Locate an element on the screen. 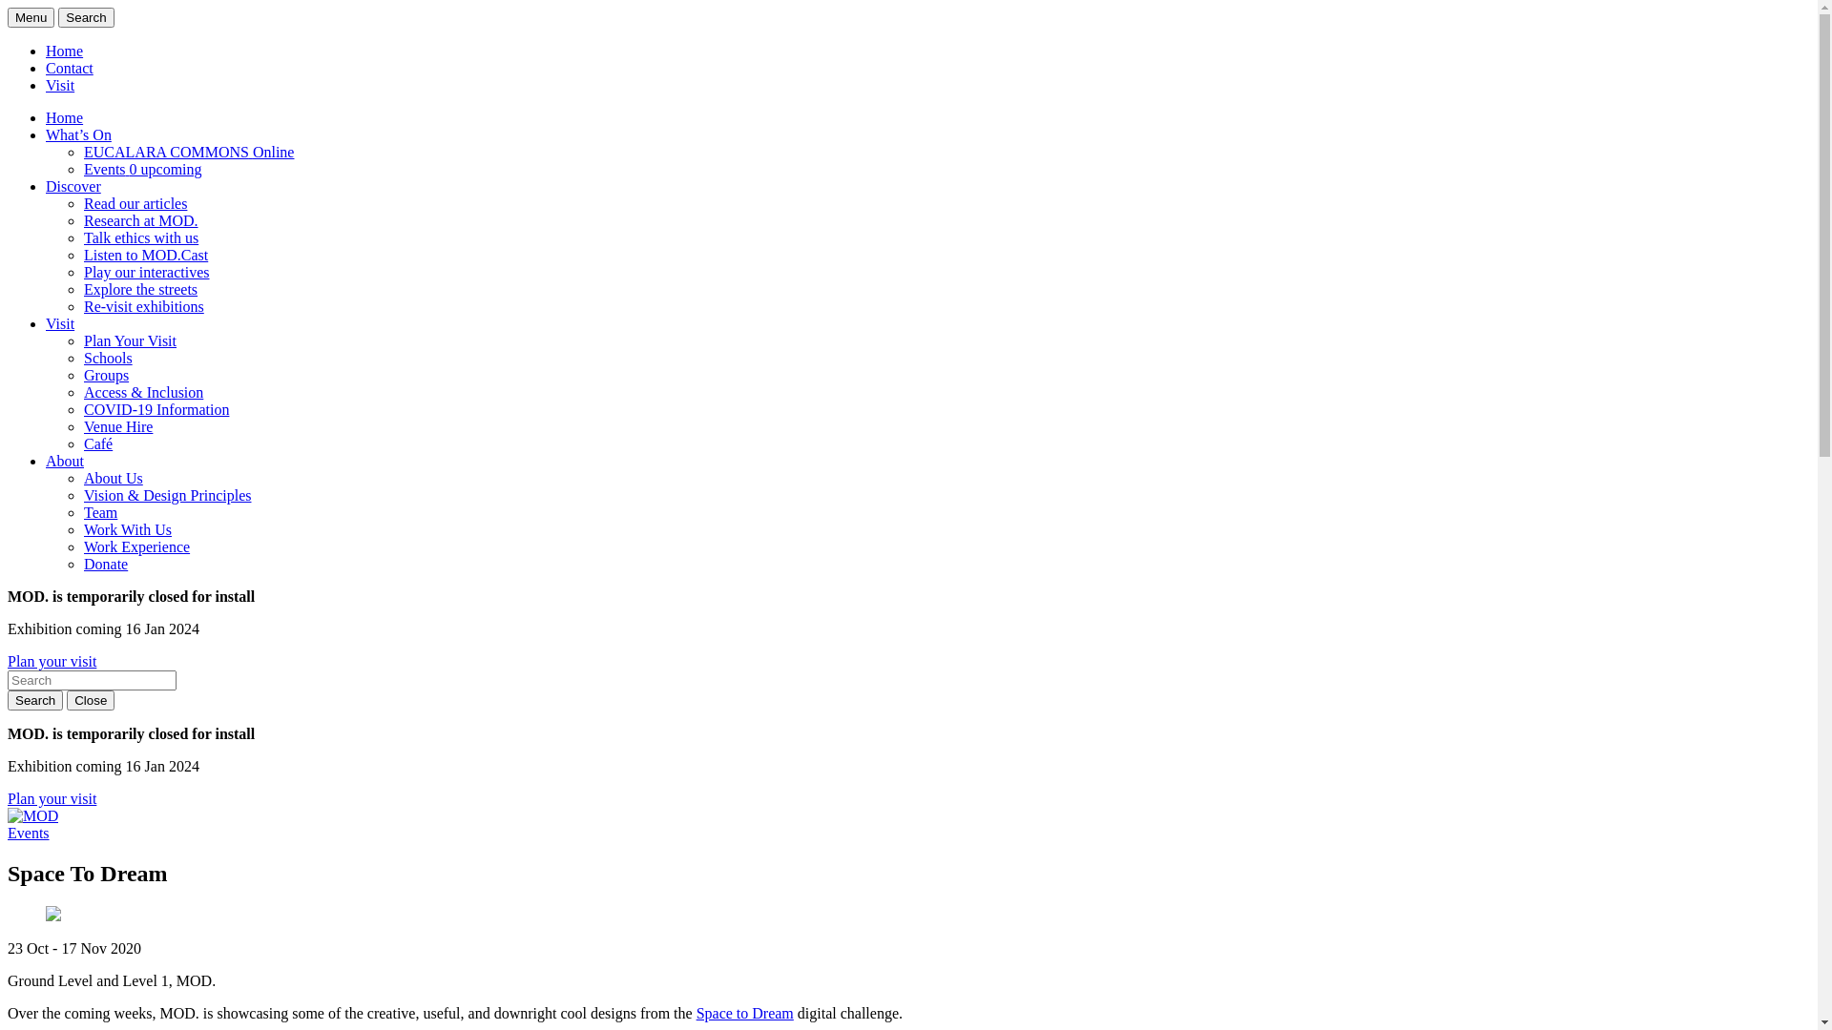  'Menu' is located at coordinates (31, 17).